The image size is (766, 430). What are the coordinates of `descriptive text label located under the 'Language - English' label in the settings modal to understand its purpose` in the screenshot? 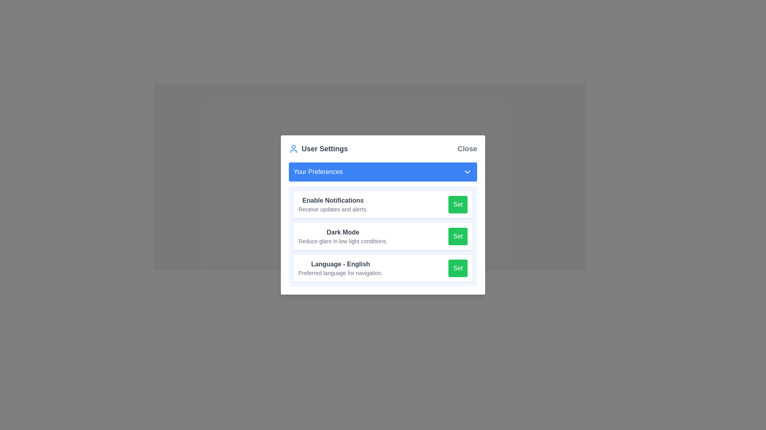 It's located at (340, 273).